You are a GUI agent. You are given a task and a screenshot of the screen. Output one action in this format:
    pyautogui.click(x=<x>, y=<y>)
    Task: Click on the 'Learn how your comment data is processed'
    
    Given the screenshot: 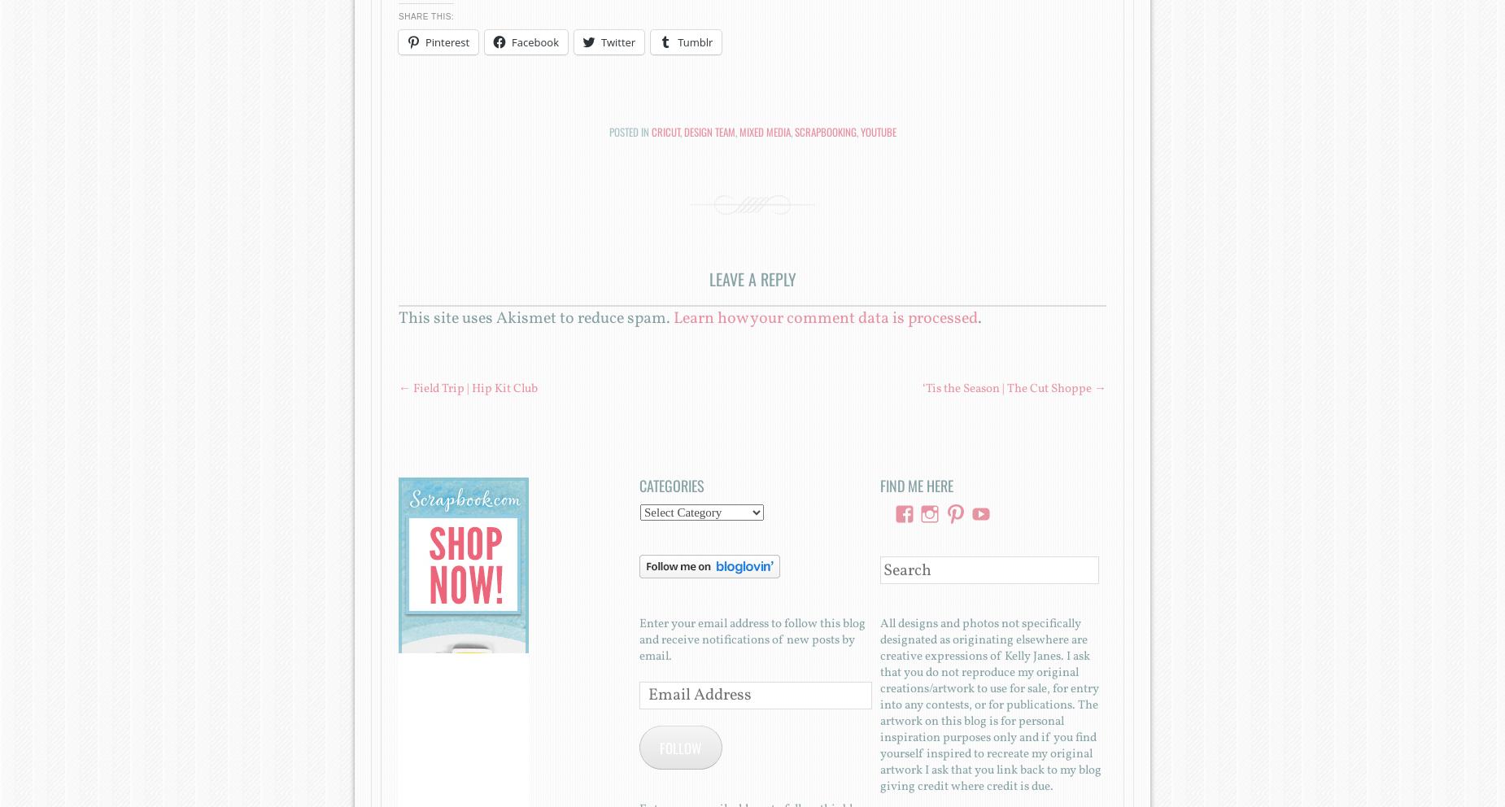 What is the action you would take?
    pyautogui.click(x=824, y=319)
    